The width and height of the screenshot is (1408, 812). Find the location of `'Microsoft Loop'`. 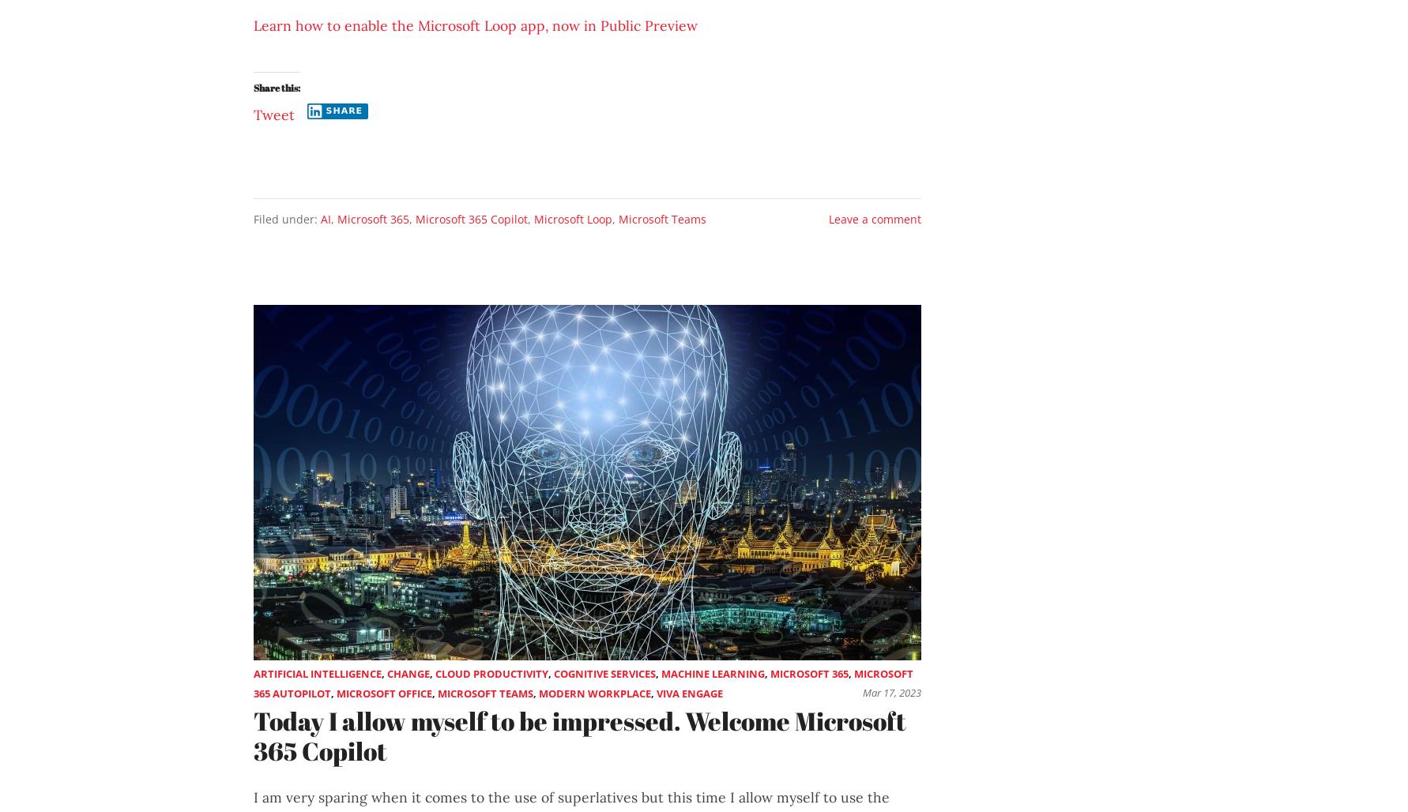

'Microsoft Loop' is located at coordinates (573, 218).